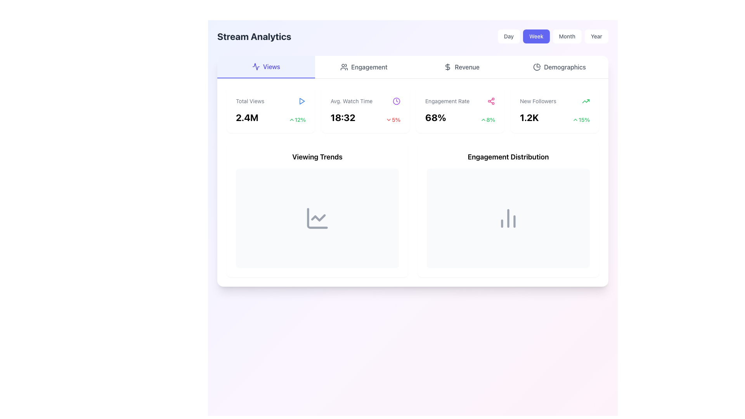 This screenshot has height=419, width=745. I want to click on the static text label that serves as a descriptor for the statistic displayed below ('2.4M') in the main dashboard view, so click(250, 101).